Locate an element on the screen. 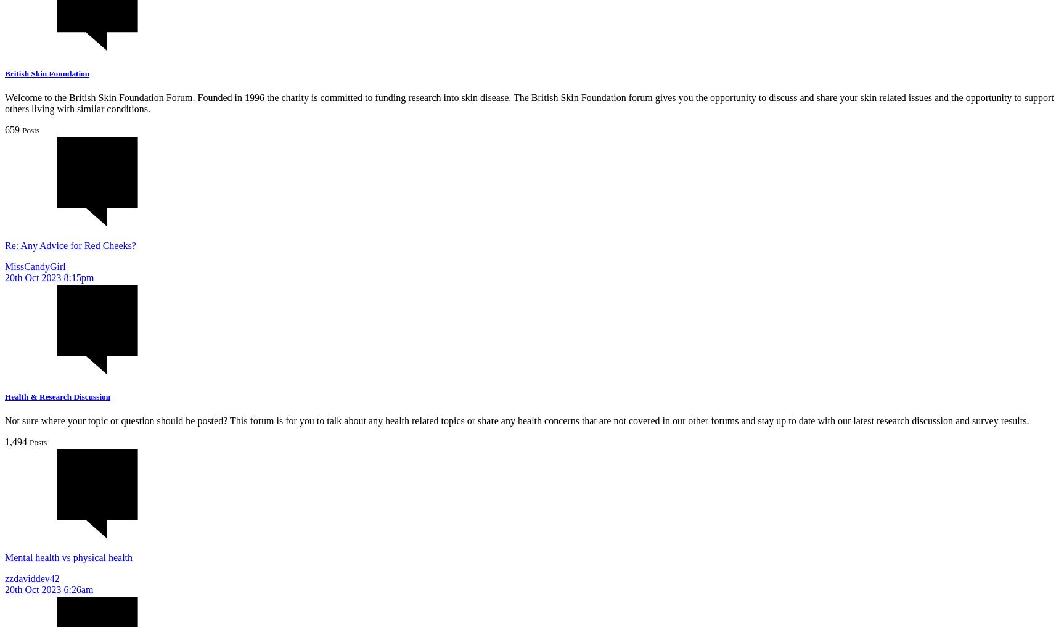 The image size is (1064, 627). 'Re: Any Advice for Red Cheeks?' is located at coordinates (69, 245).